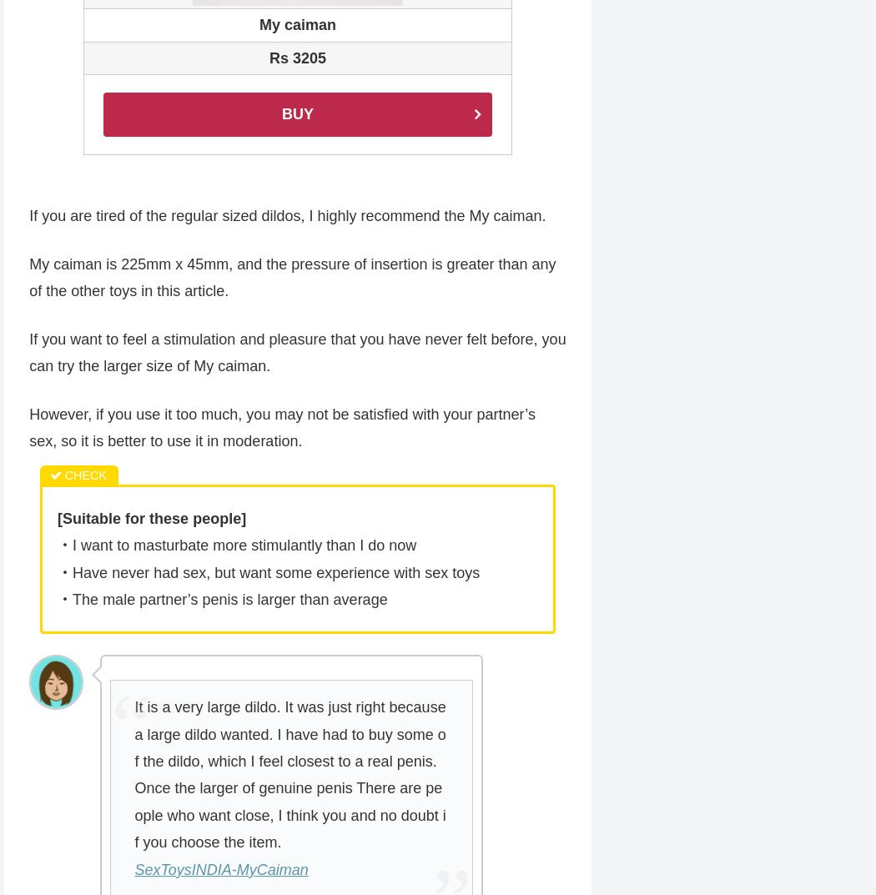 This screenshot has width=876, height=895. Describe the element at coordinates (296, 59) in the screenshot. I see `'Rs 3205'` at that location.